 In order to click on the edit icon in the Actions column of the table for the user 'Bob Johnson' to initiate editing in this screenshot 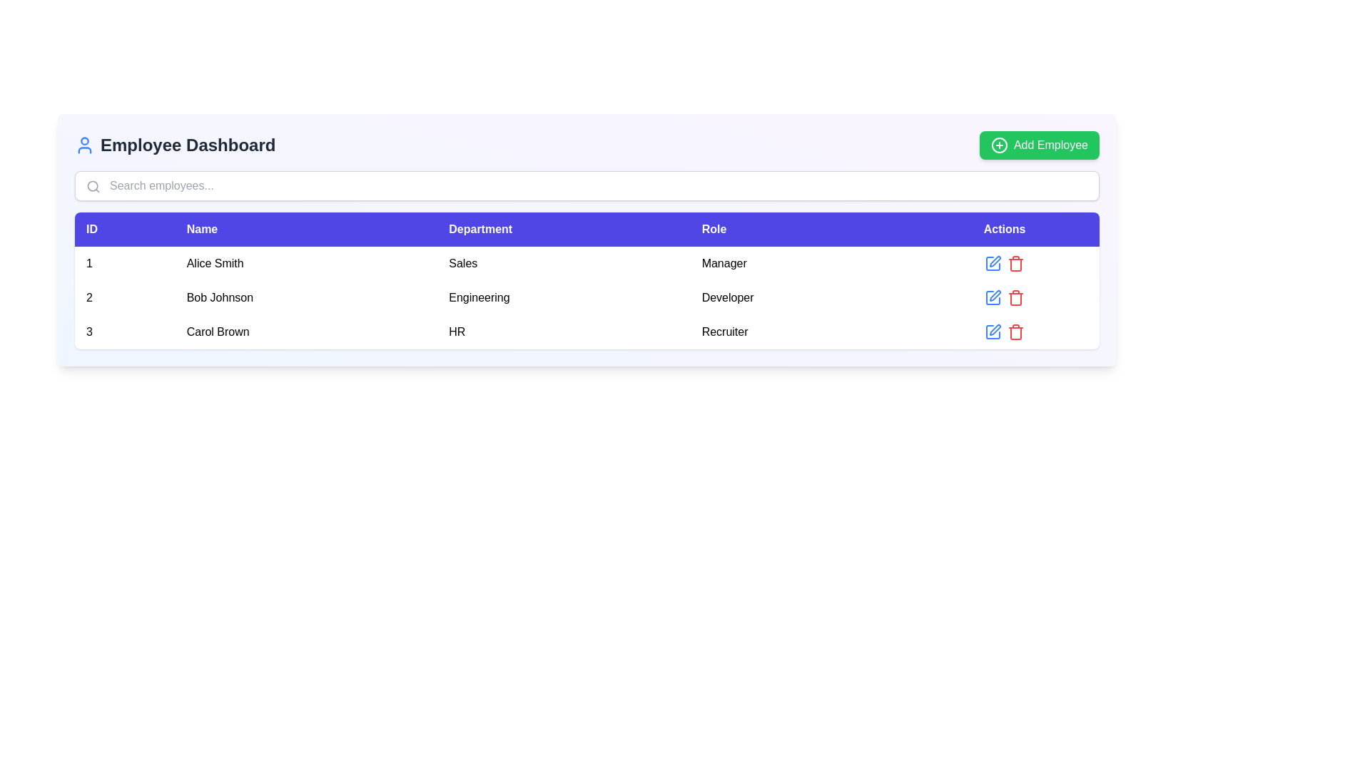, I will do `click(993, 297)`.